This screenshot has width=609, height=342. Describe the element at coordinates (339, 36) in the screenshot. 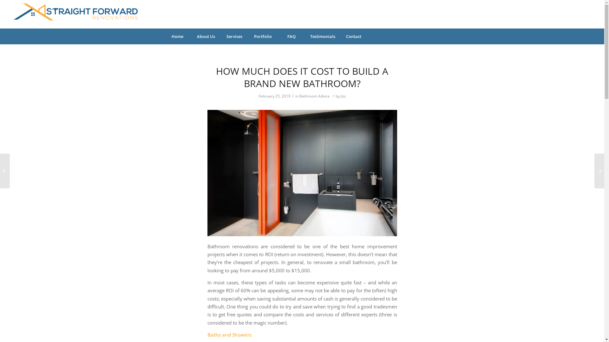

I see `'Contact'` at that location.